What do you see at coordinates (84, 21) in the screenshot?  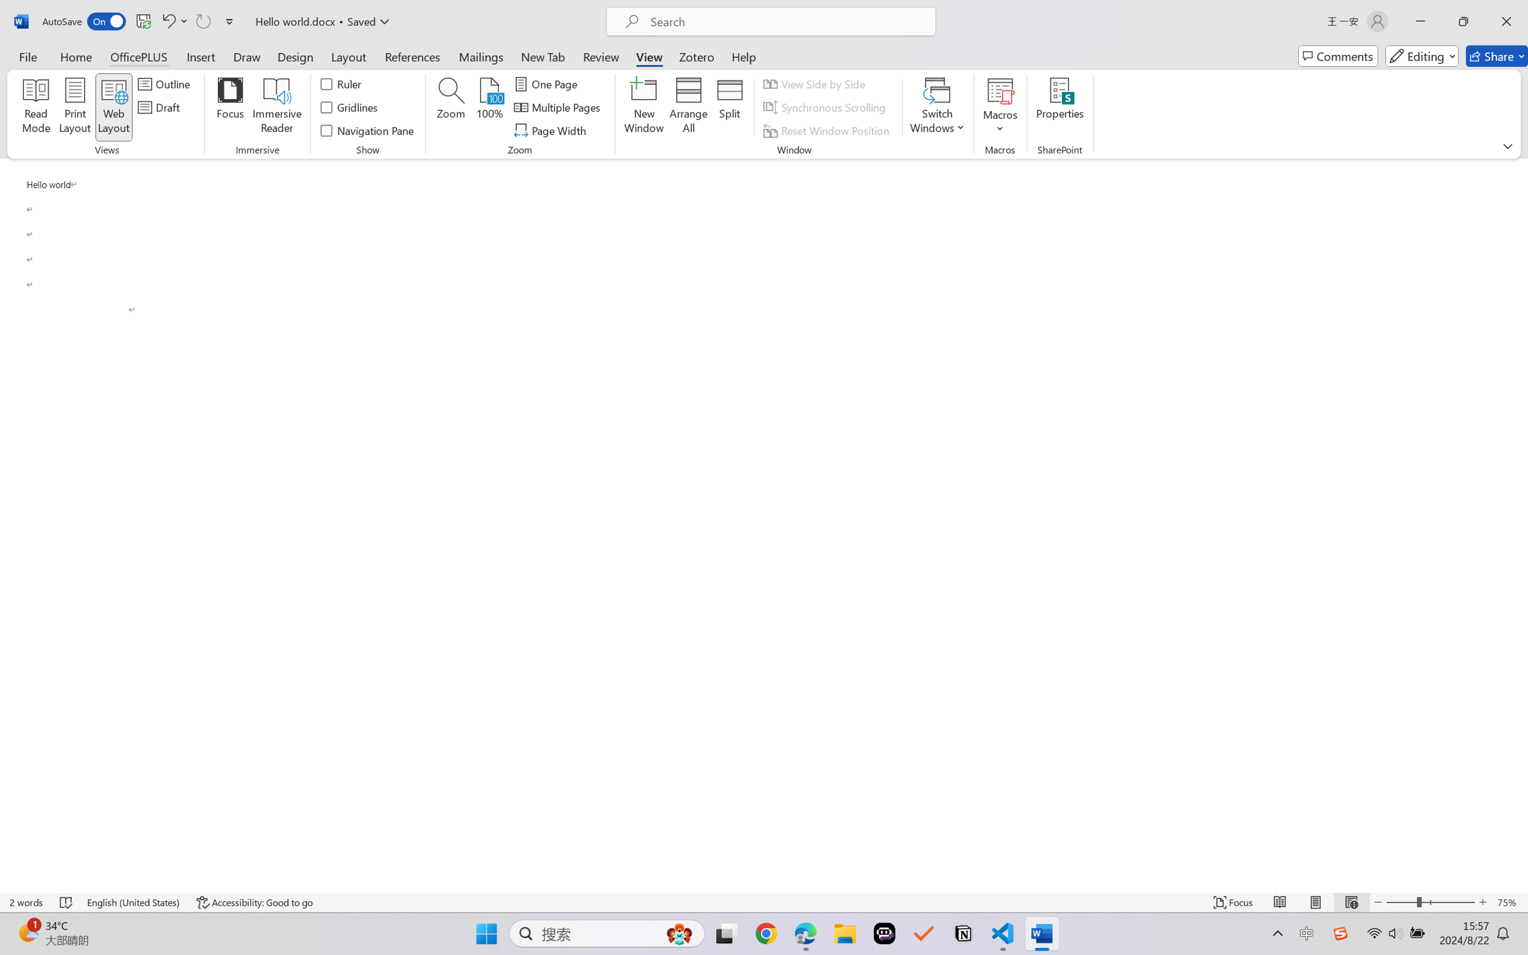 I see `'AutoSave'` at bounding box center [84, 21].